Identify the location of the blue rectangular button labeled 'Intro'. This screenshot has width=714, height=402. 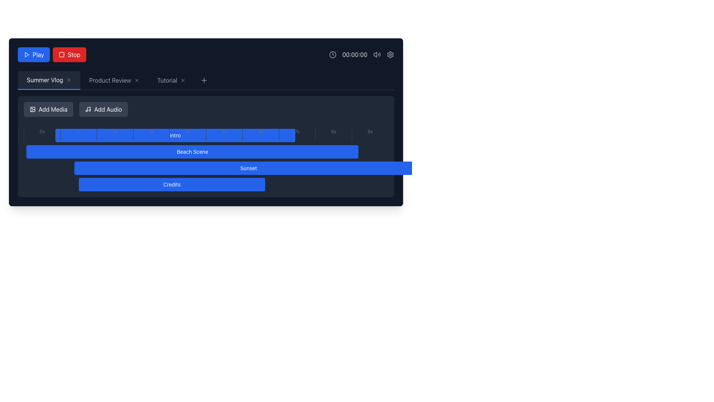
(175, 135).